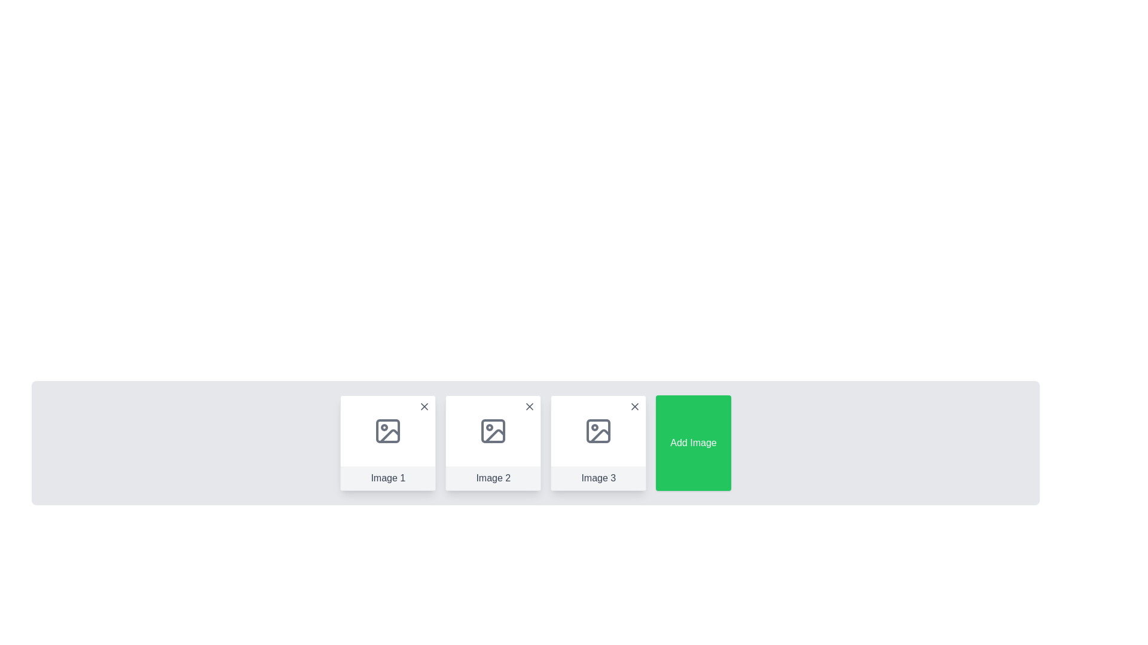 The width and height of the screenshot is (1148, 645). I want to click on the decorative rectangular block with rounded corners located centrally in the first card of the three-card arrangement, so click(388, 431).